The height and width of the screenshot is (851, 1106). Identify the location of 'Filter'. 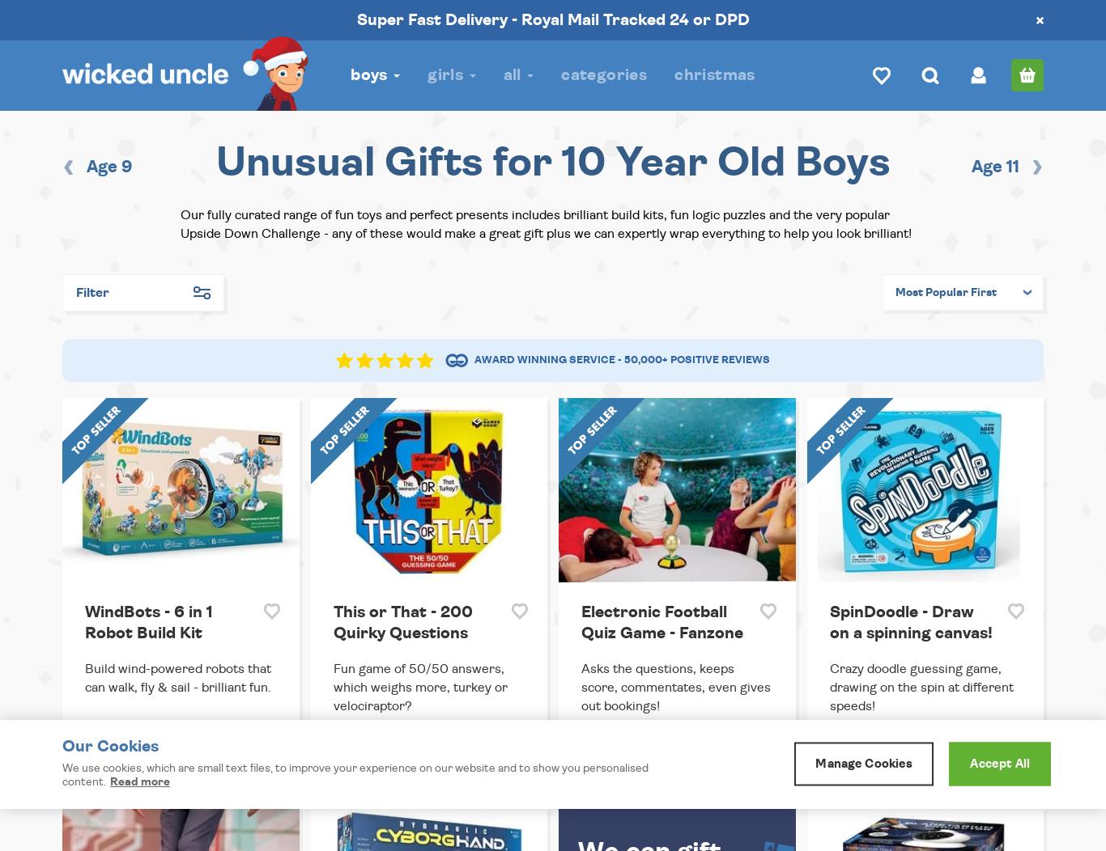
(92, 292).